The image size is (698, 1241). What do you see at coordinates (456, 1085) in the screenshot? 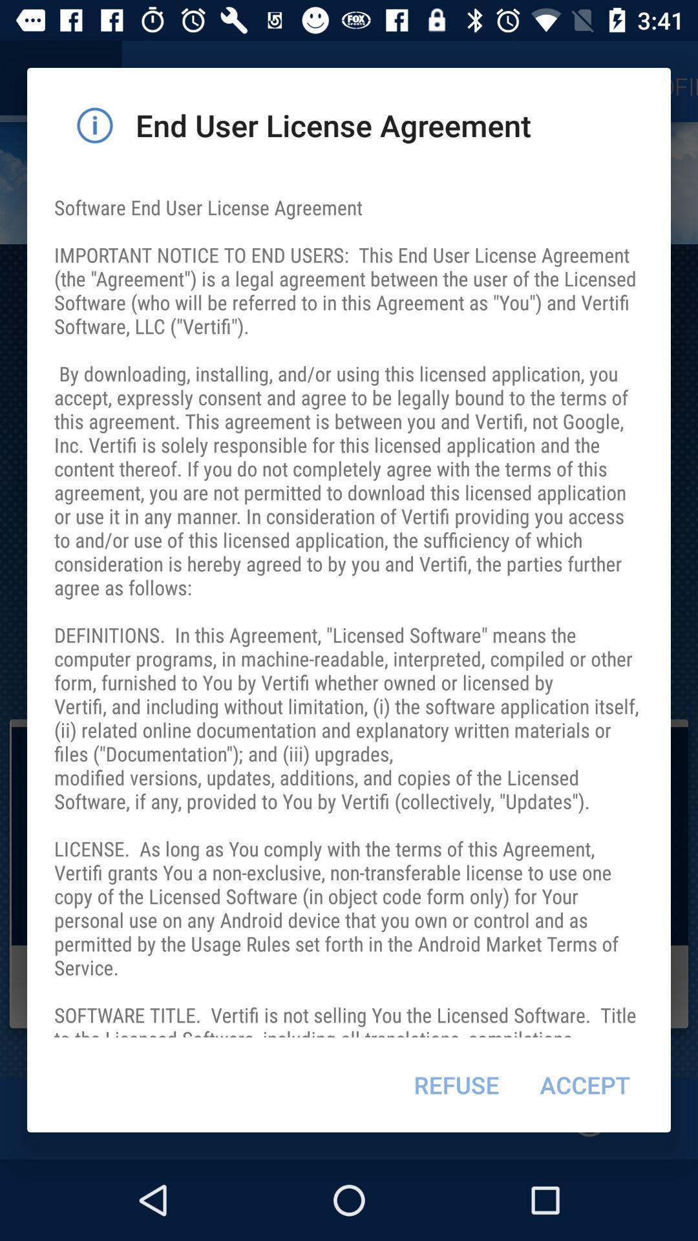
I see `item at the bottom` at bounding box center [456, 1085].